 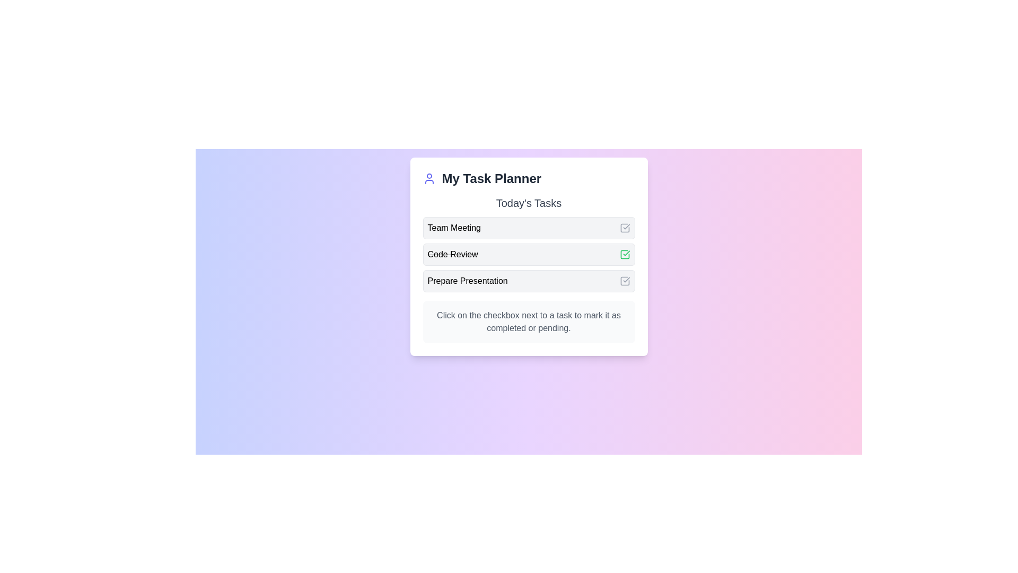 I want to click on the checkbox styled with a gray border and a bold red checkmark located under the 'Team Meeting' row in 'Today's Tasks', so click(x=625, y=227).